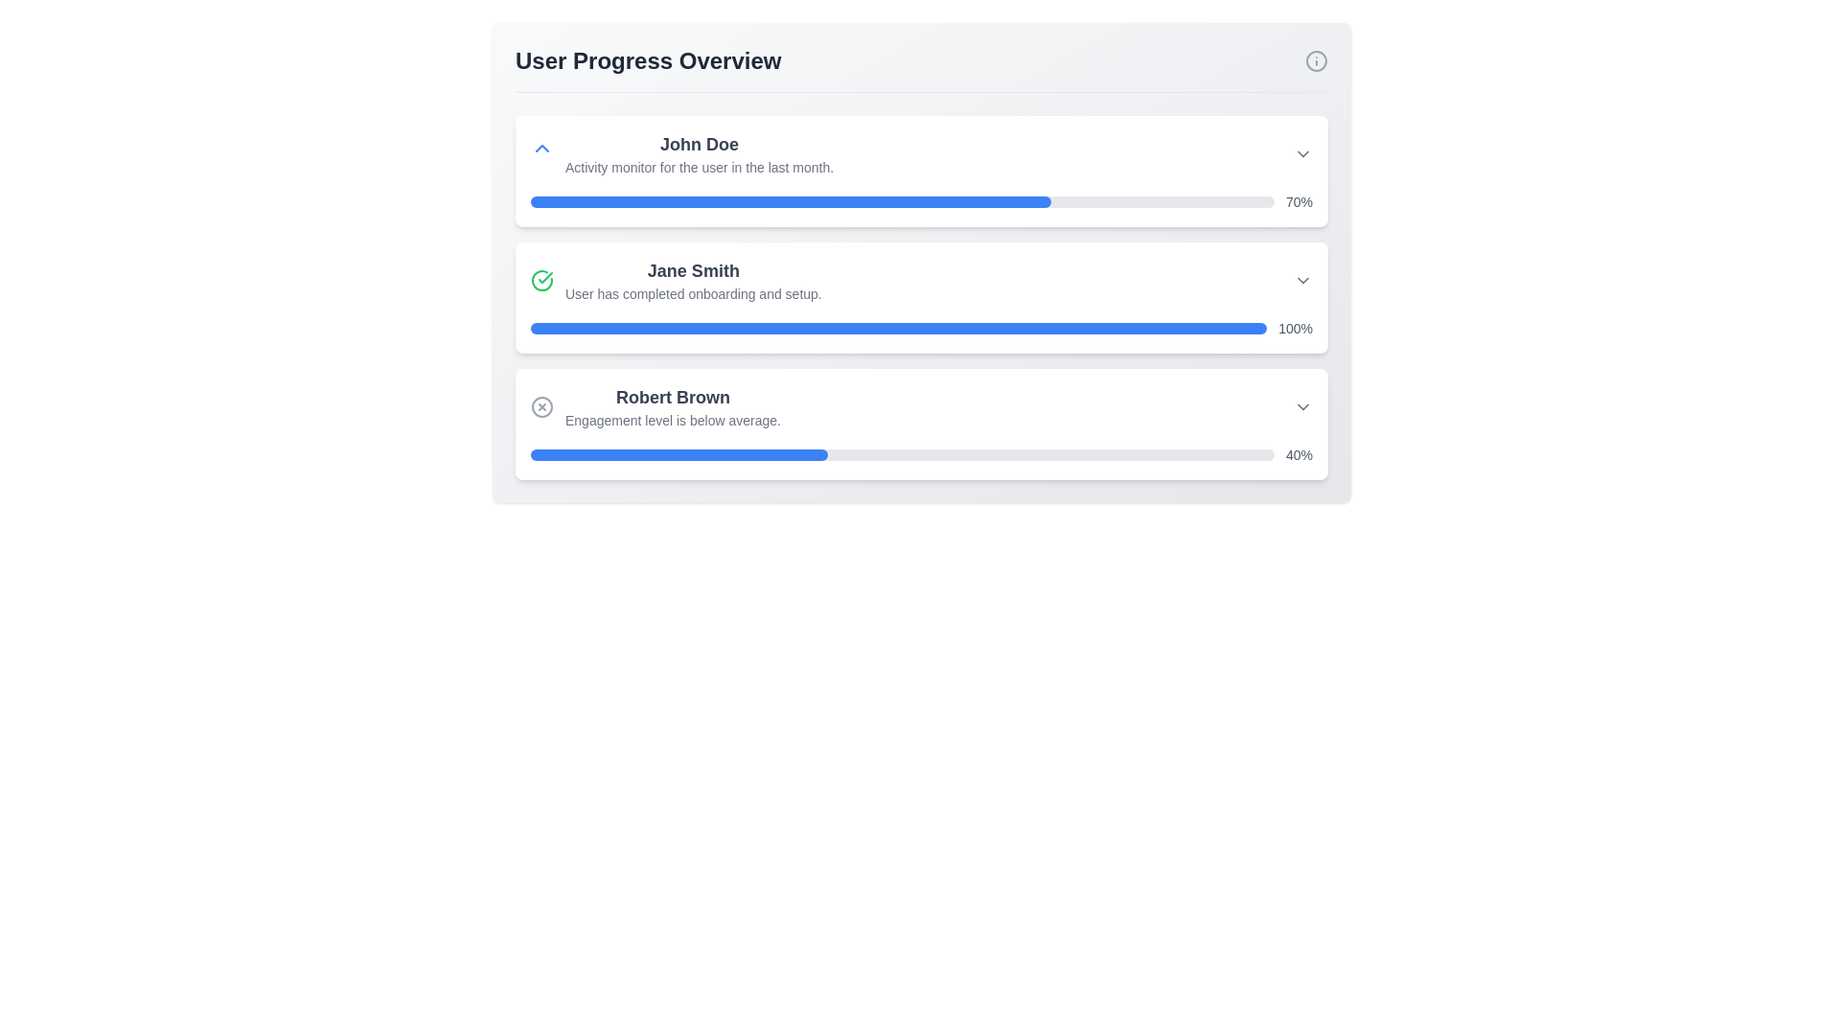 Image resolution: width=1840 pixels, height=1035 pixels. Describe the element at coordinates (901, 454) in the screenshot. I see `the progress bar representing the engagement level for user 'Robert Brown', located in the 'User Progress Overview' section` at that location.